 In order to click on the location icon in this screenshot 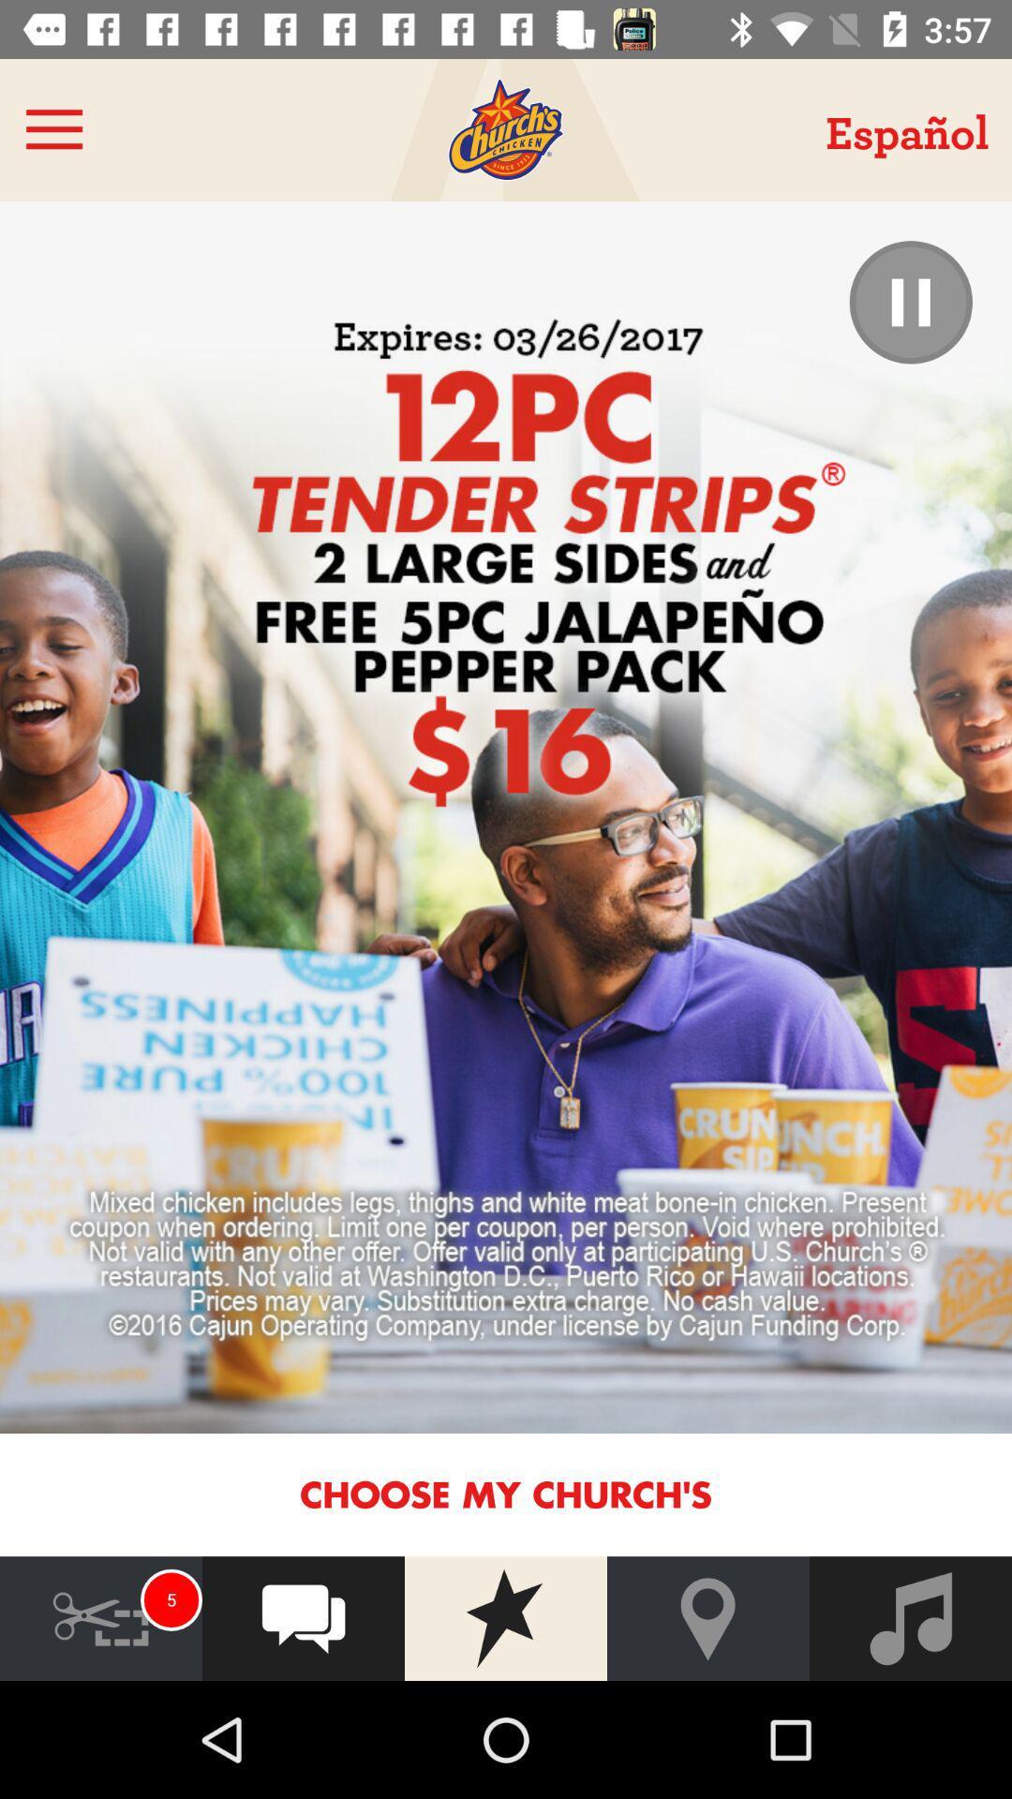, I will do `click(708, 1617)`.